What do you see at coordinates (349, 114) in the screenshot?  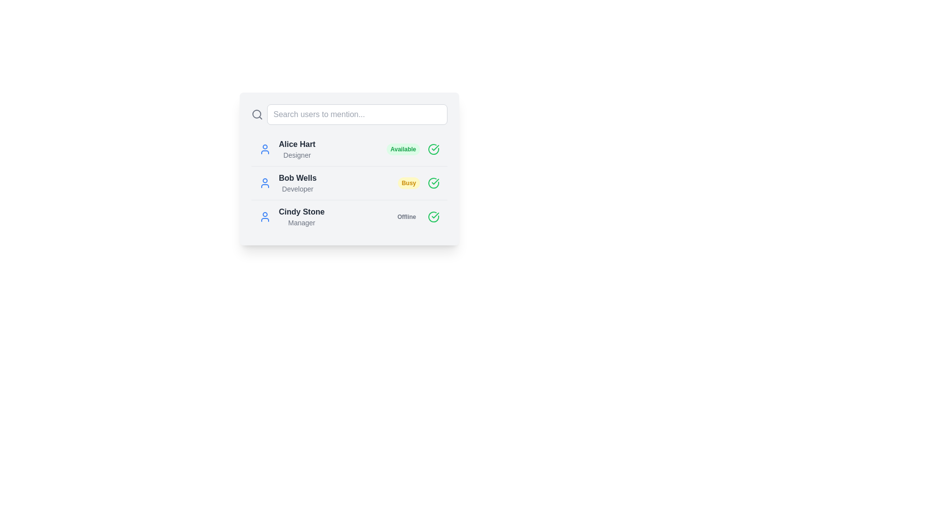 I see `the text input field with placeholder text 'Search users to mention...' by tabbing into it` at bounding box center [349, 114].